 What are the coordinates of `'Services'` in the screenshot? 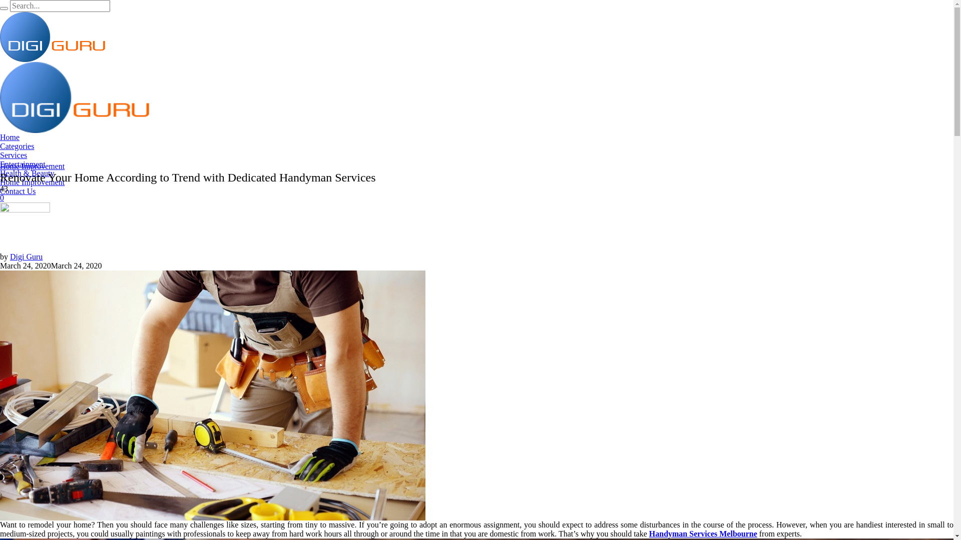 It's located at (14, 155).